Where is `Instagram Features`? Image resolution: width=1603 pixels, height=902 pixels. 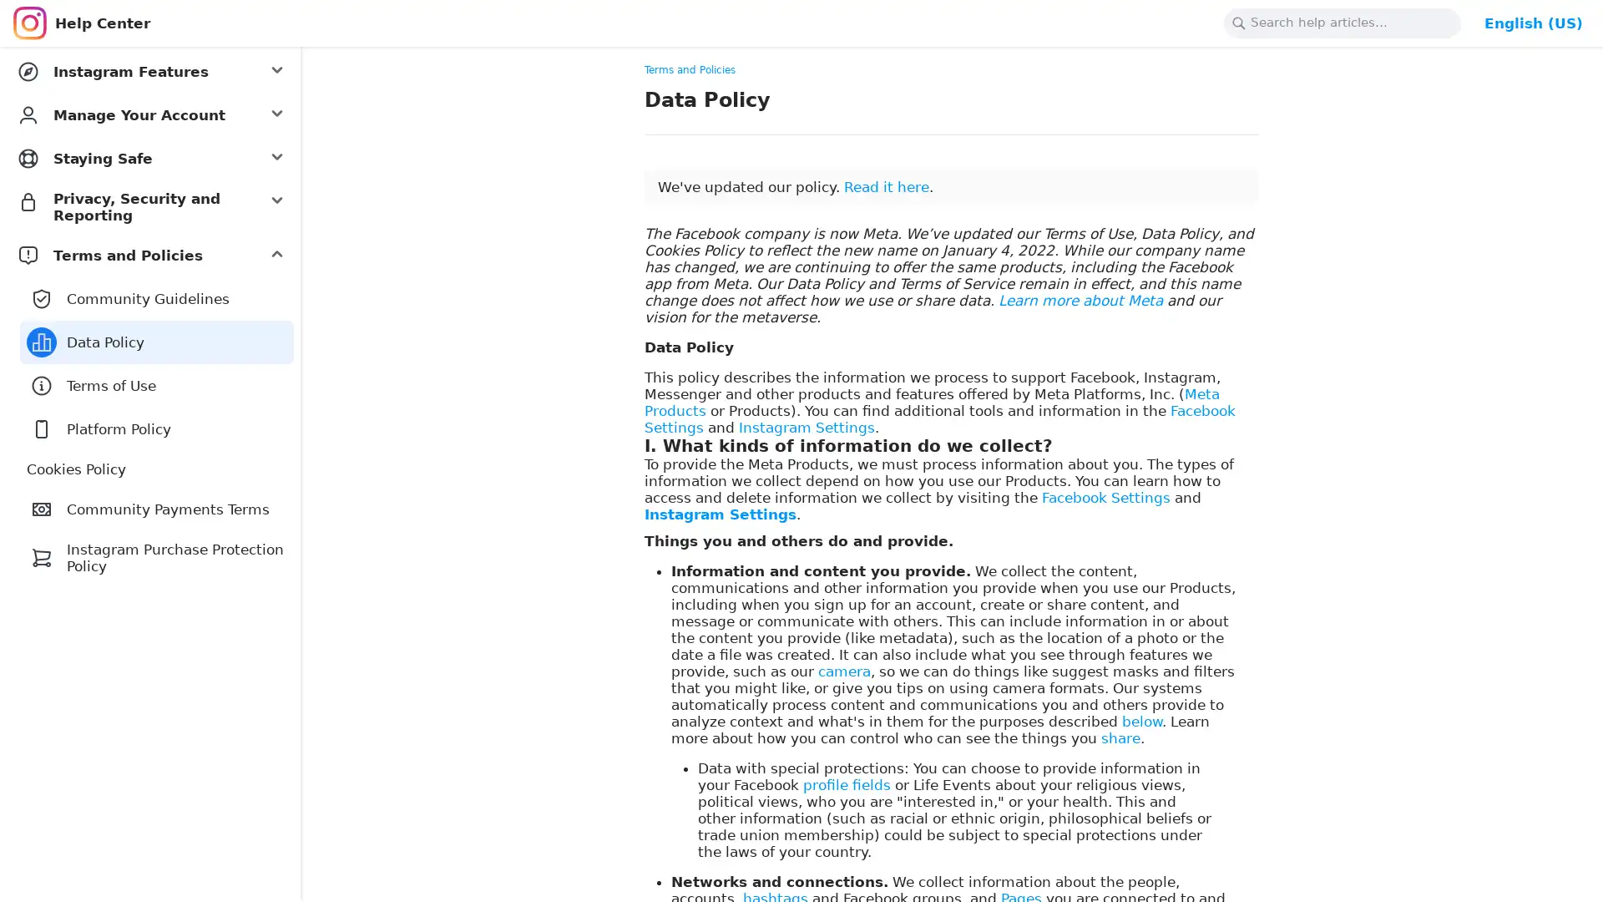
Instagram Features is located at coordinates (150, 70).